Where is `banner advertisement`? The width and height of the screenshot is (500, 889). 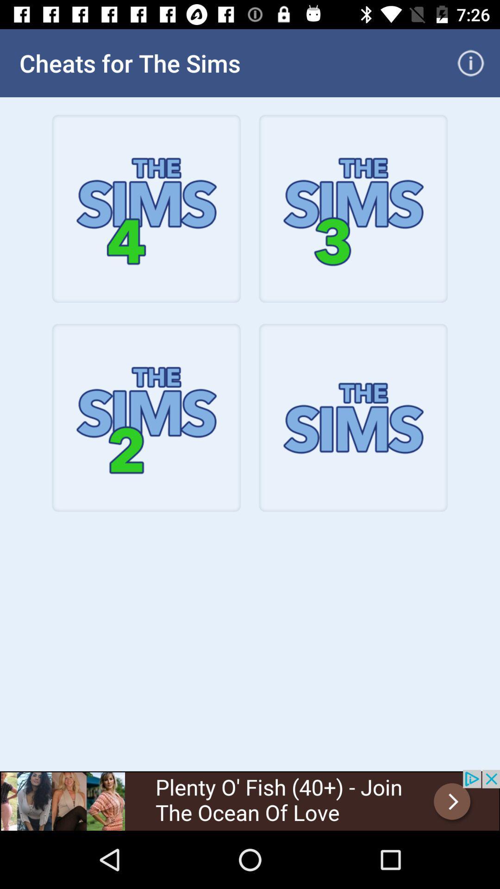
banner advertisement is located at coordinates (250, 800).